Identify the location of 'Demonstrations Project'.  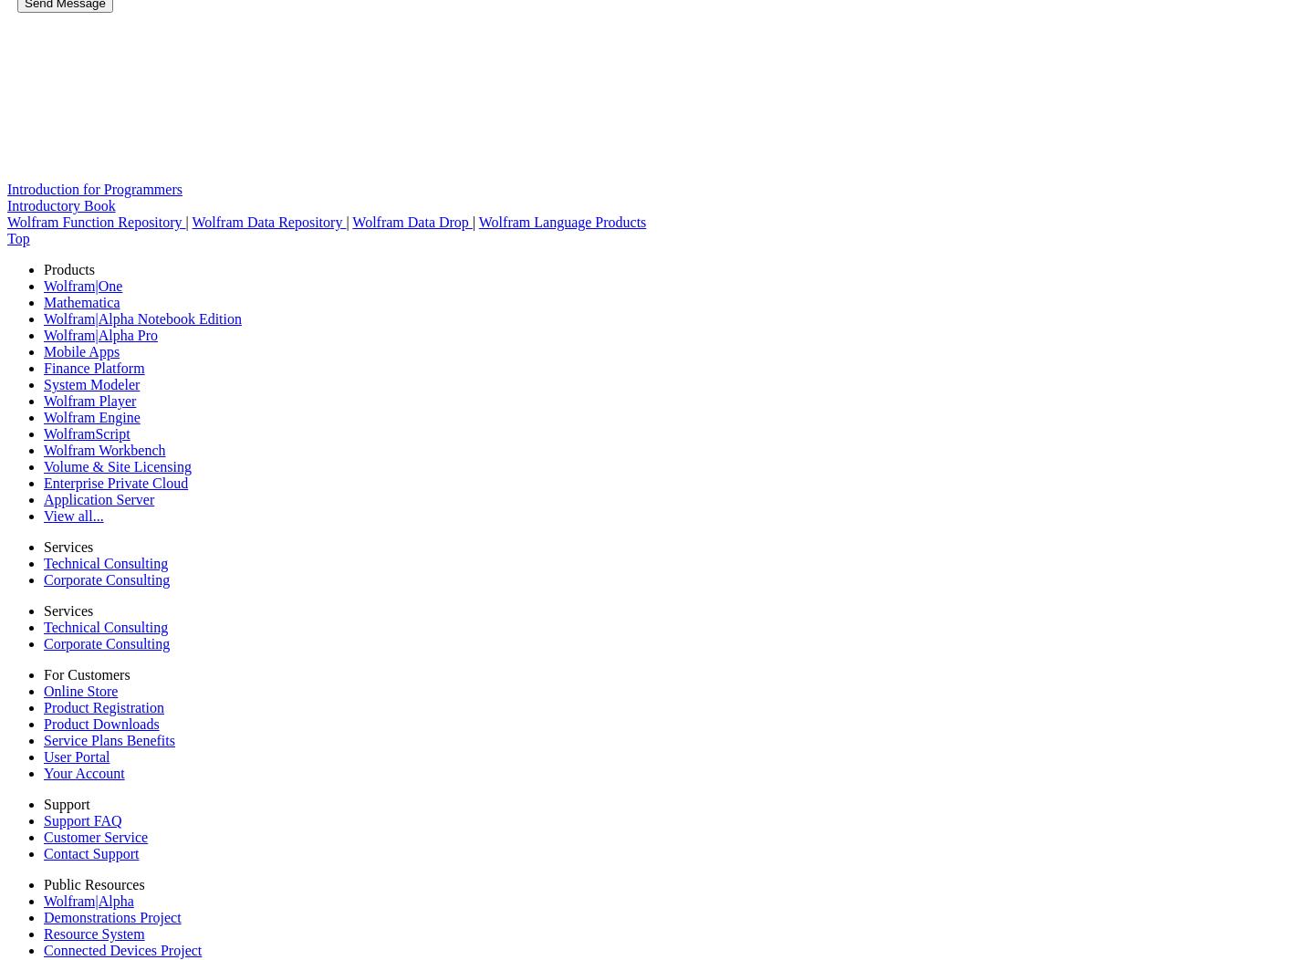
(110, 917).